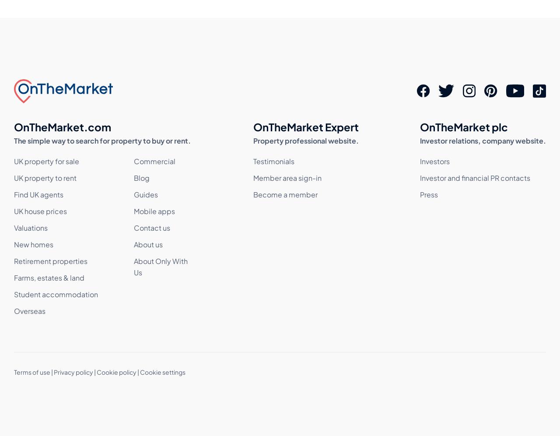  Describe the element at coordinates (474, 177) in the screenshot. I see `'Investor and financial PR contacts'` at that location.